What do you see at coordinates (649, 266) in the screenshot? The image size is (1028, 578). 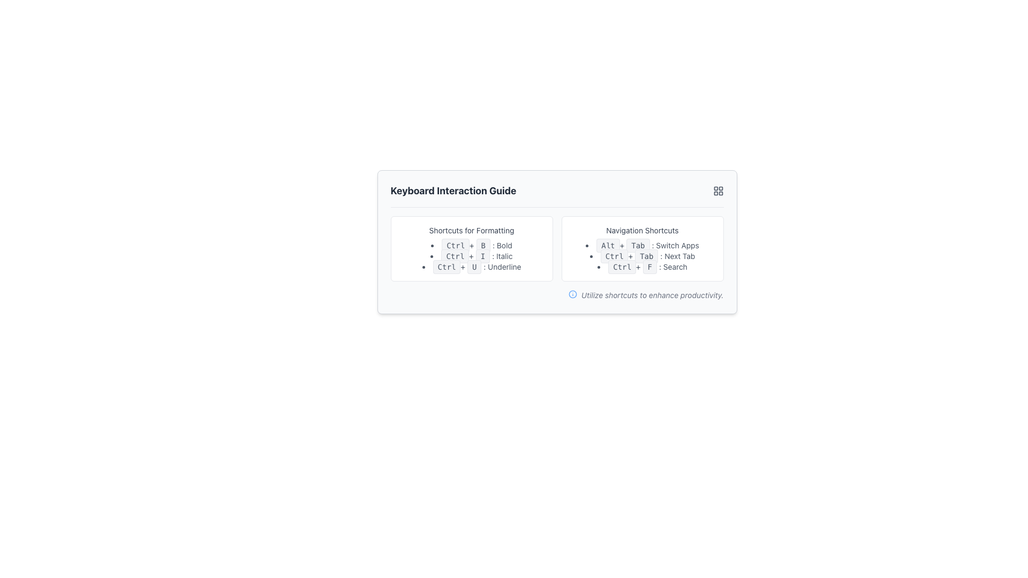 I see `the 'F' key representation in the 'Ctrl+F: Search' group within the 'Navigation Shortcuts' section of the 'Keyboard Interaction Guide' panel` at bounding box center [649, 266].